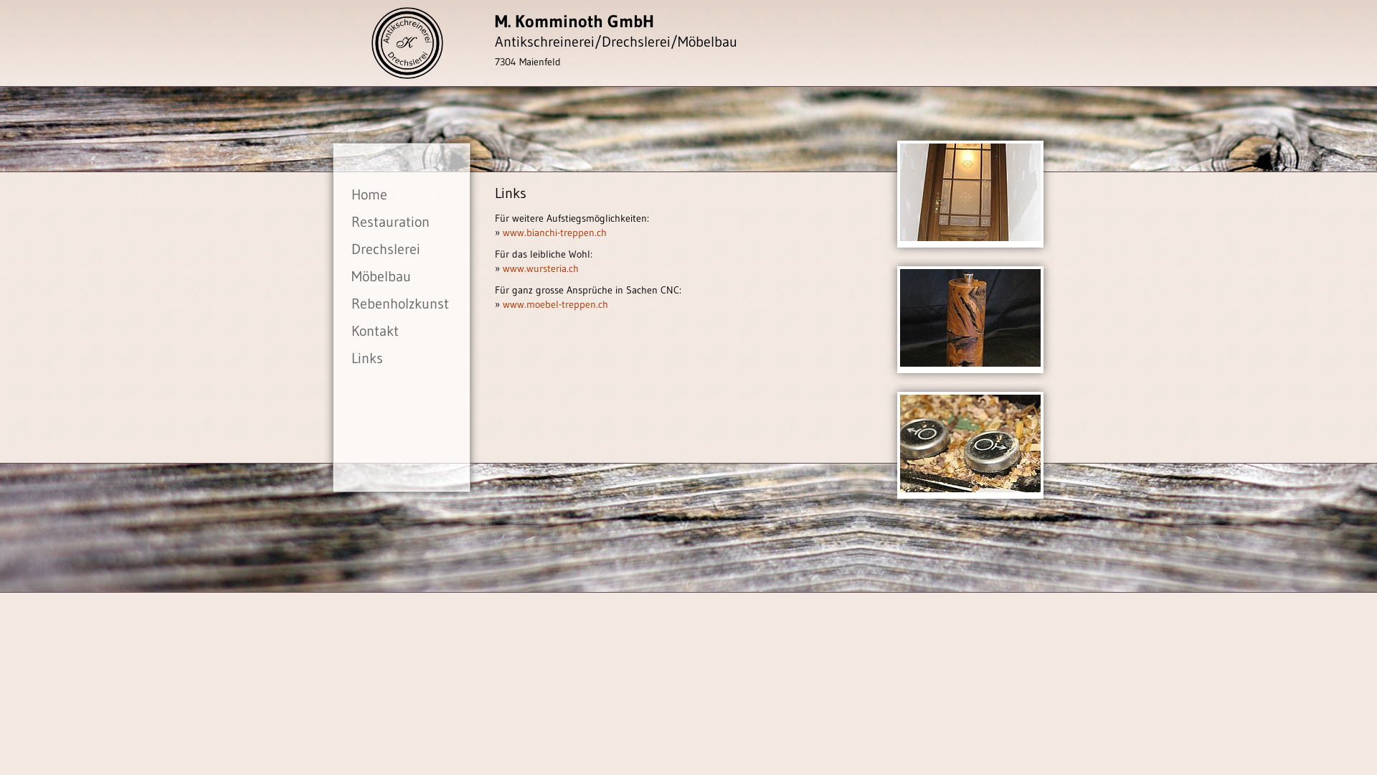 This screenshot has height=775, width=1377. I want to click on 'www.bianchi-treppen.ch', so click(554, 232).